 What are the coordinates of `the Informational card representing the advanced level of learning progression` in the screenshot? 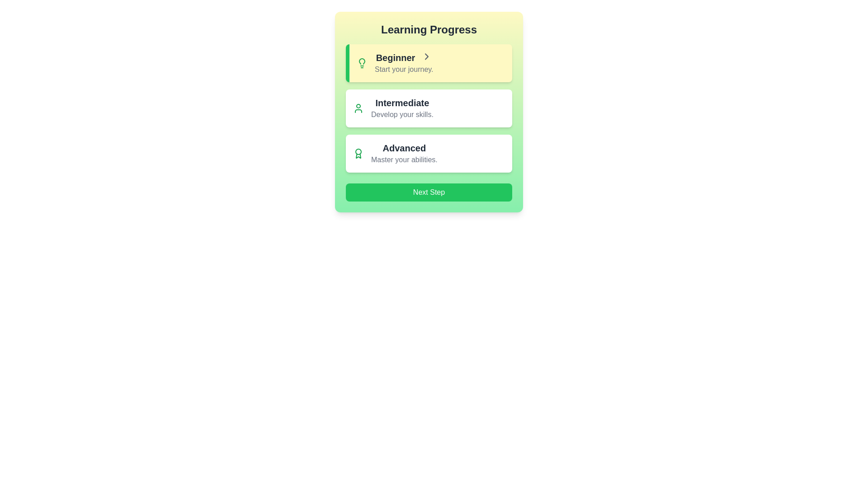 It's located at (429, 153).